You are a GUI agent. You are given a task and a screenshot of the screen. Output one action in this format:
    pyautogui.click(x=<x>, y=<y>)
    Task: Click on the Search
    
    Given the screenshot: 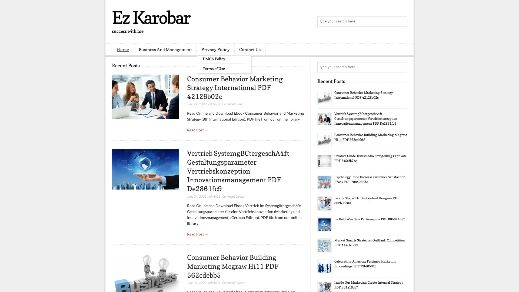 What is the action you would take?
    pyautogui.click(x=401, y=22)
    